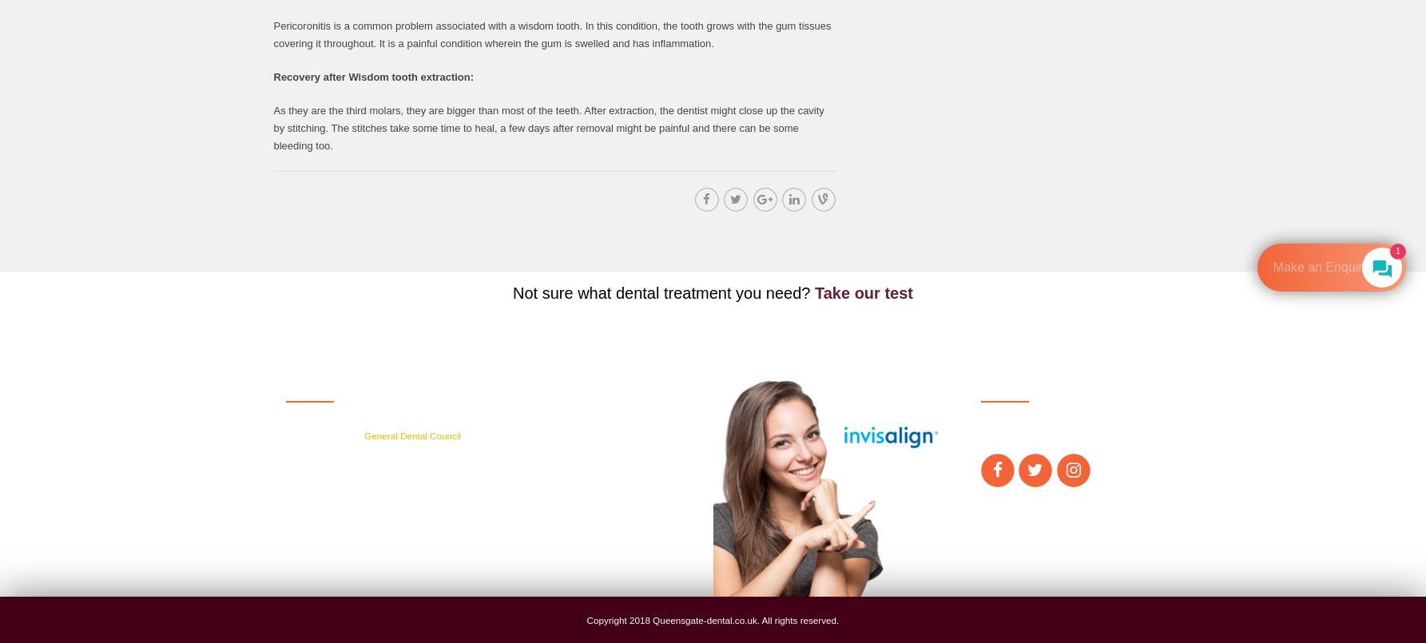 This screenshot has width=1426, height=643. I want to click on 'BY EMAIL: info@queensgate-dental.co.uk', so click(600, 514).